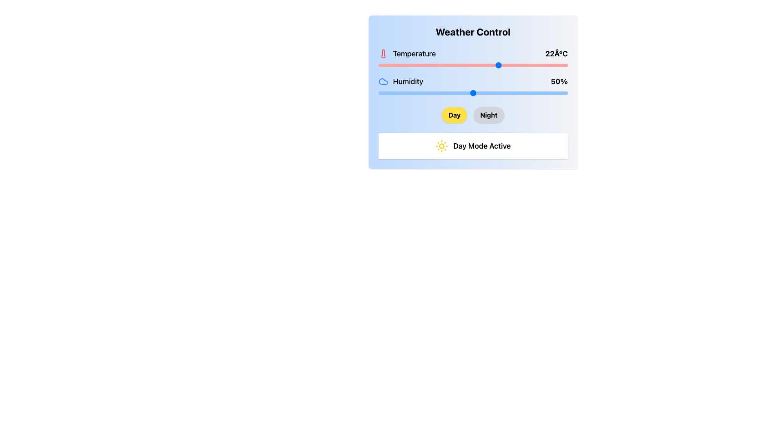 This screenshot has width=784, height=441. Describe the element at coordinates (489, 115) in the screenshot. I see `the night mode toggle button located in the horizontal button group below the 'Temperature' and 'Humidity' sliders, which is the second button from the left` at that location.